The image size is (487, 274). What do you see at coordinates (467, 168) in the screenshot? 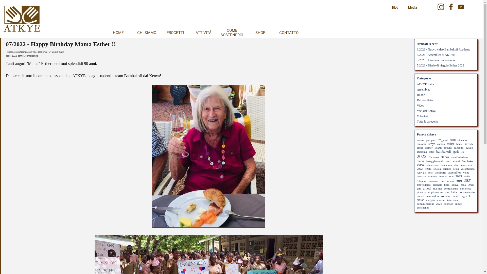
I see `'volontariato'` at bounding box center [467, 168].